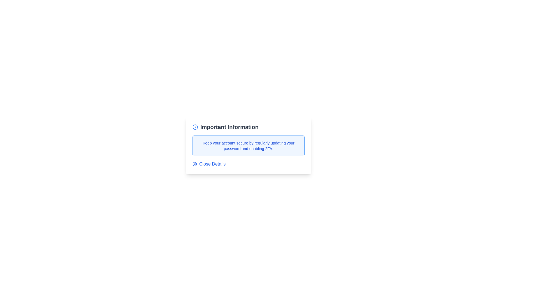  What do you see at coordinates (195, 127) in the screenshot?
I see `the 'Info' icon to trigger its action` at bounding box center [195, 127].